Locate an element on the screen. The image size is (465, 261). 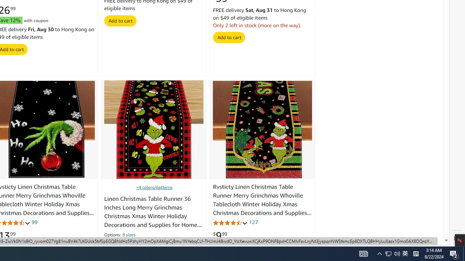
'+4 colors/patterns' is located at coordinates (154, 187).